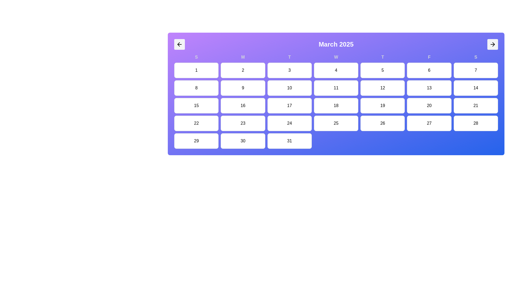  I want to click on the calendar date tile representing Sunday the 8th, which is a square white tile with a rounded border and bold black text '8', so click(196, 88).